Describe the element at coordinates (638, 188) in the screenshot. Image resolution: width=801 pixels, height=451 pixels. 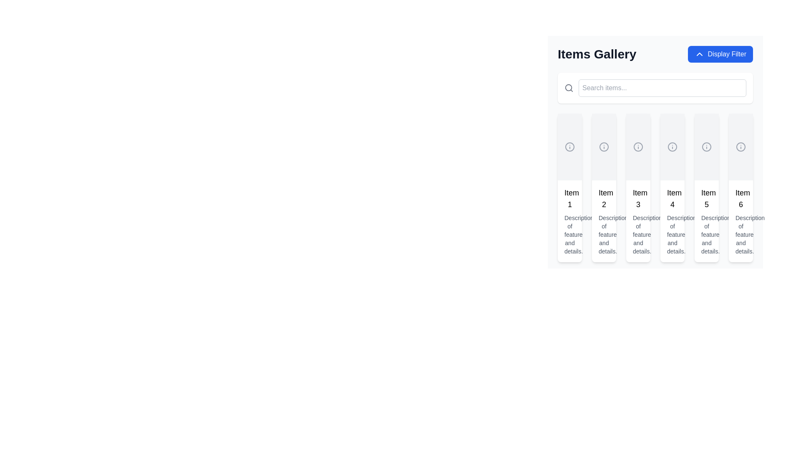
I see `the vertically elongated rectangular card labeled 'Item 3' with a white background and shadowed border` at that location.